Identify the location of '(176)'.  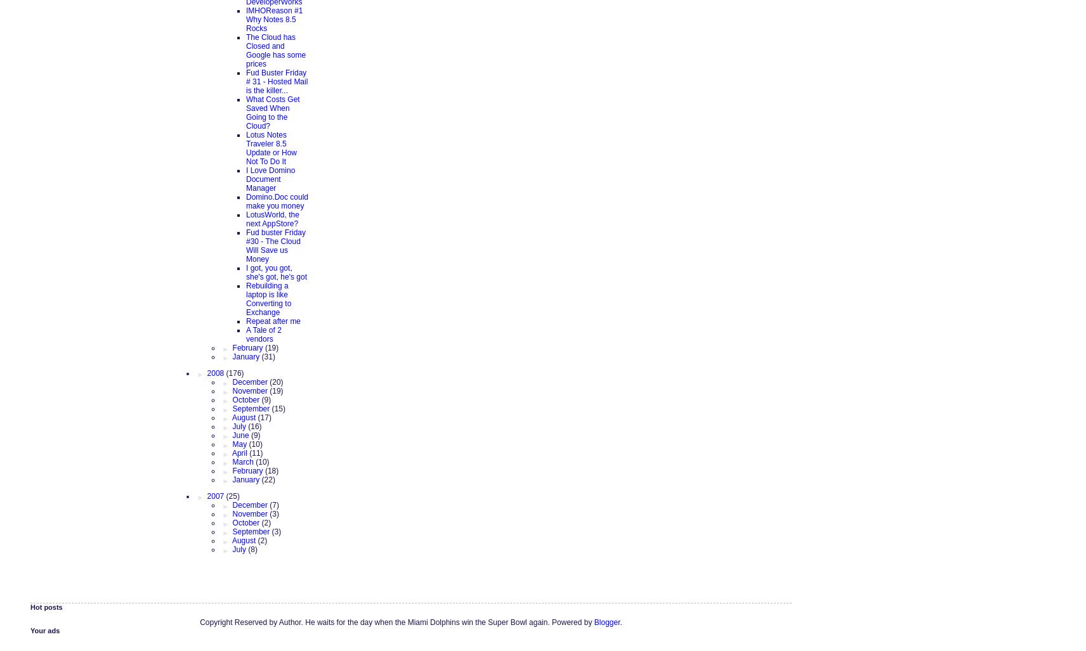
(234, 372).